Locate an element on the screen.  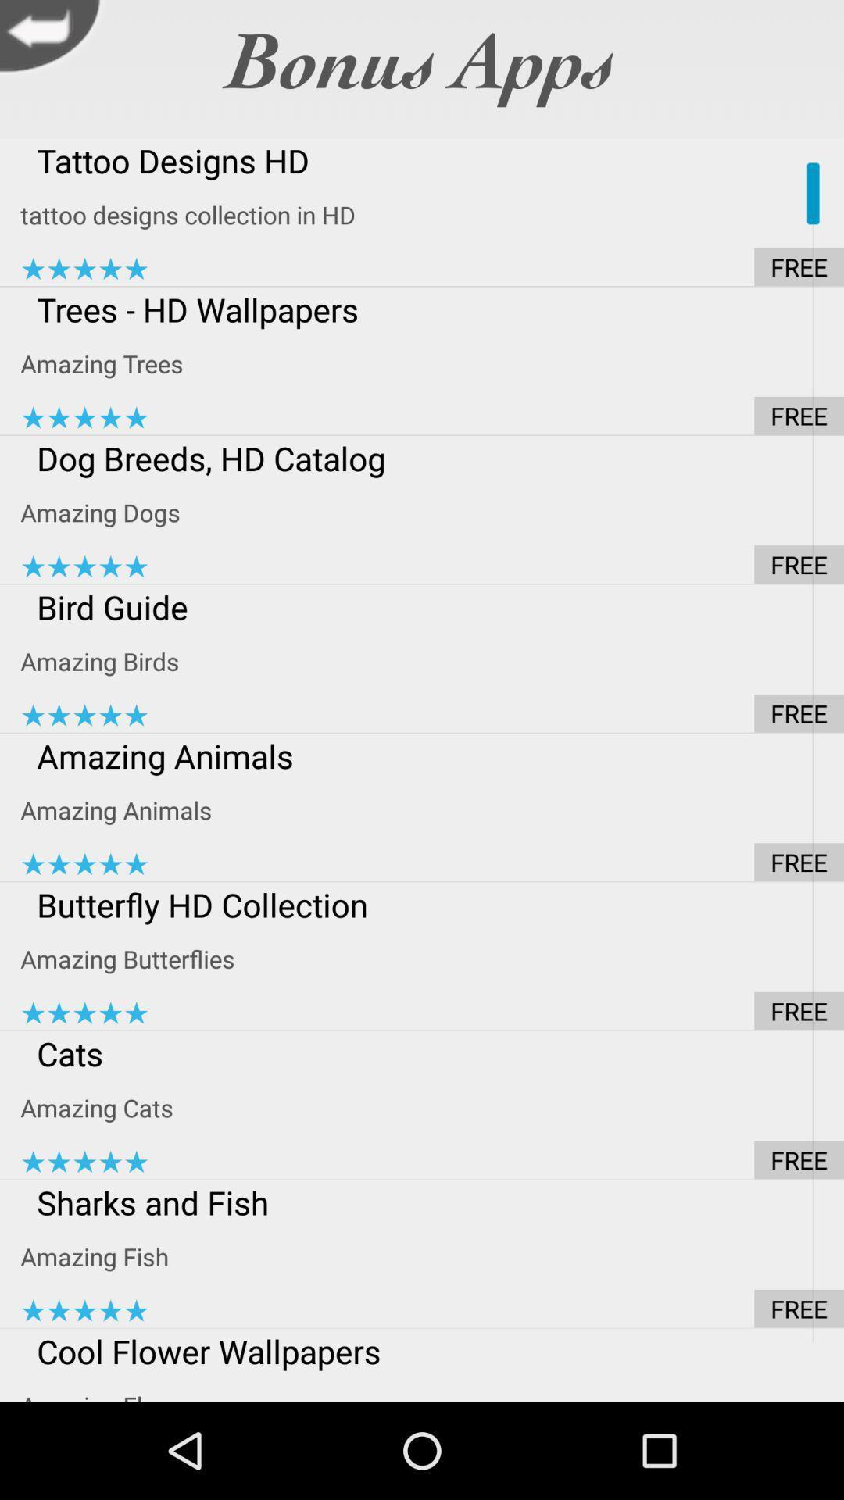
the item below   cool flower wallpapers  item is located at coordinates (432, 1387).